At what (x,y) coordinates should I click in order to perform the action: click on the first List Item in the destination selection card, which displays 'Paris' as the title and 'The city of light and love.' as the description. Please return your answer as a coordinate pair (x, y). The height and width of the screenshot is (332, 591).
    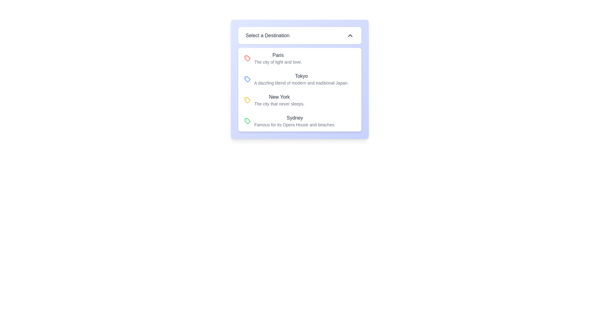
    Looking at the image, I should click on (300, 58).